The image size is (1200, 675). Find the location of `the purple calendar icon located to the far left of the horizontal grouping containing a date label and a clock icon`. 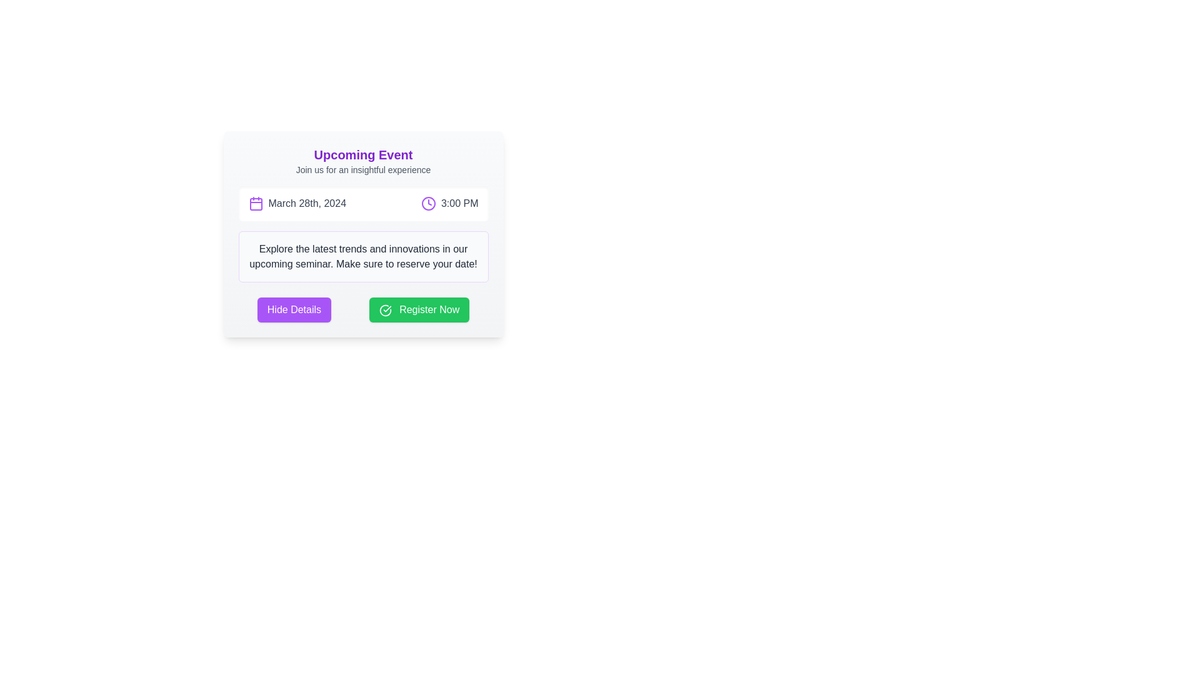

the purple calendar icon located to the far left of the horizontal grouping containing a date label and a clock icon is located at coordinates (255, 203).